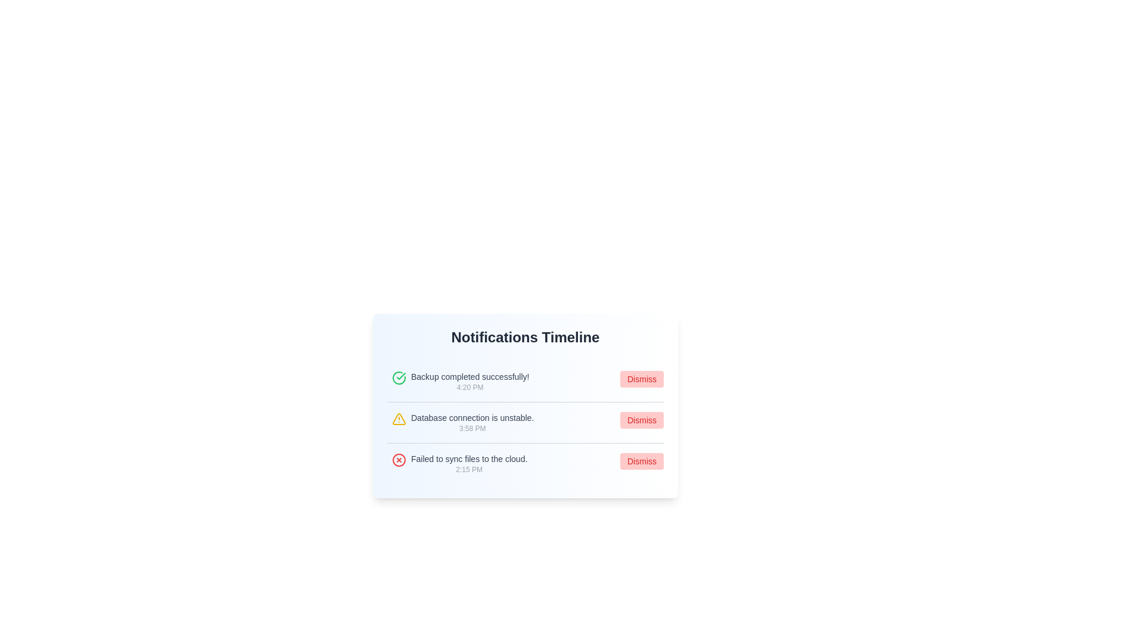 The width and height of the screenshot is (1144, 643). Describe the element at coordinates (641, 461) in the screenshot. I see `the 'Dismiss' button with small, bold red text located on the right side of the notification panel` at that location.